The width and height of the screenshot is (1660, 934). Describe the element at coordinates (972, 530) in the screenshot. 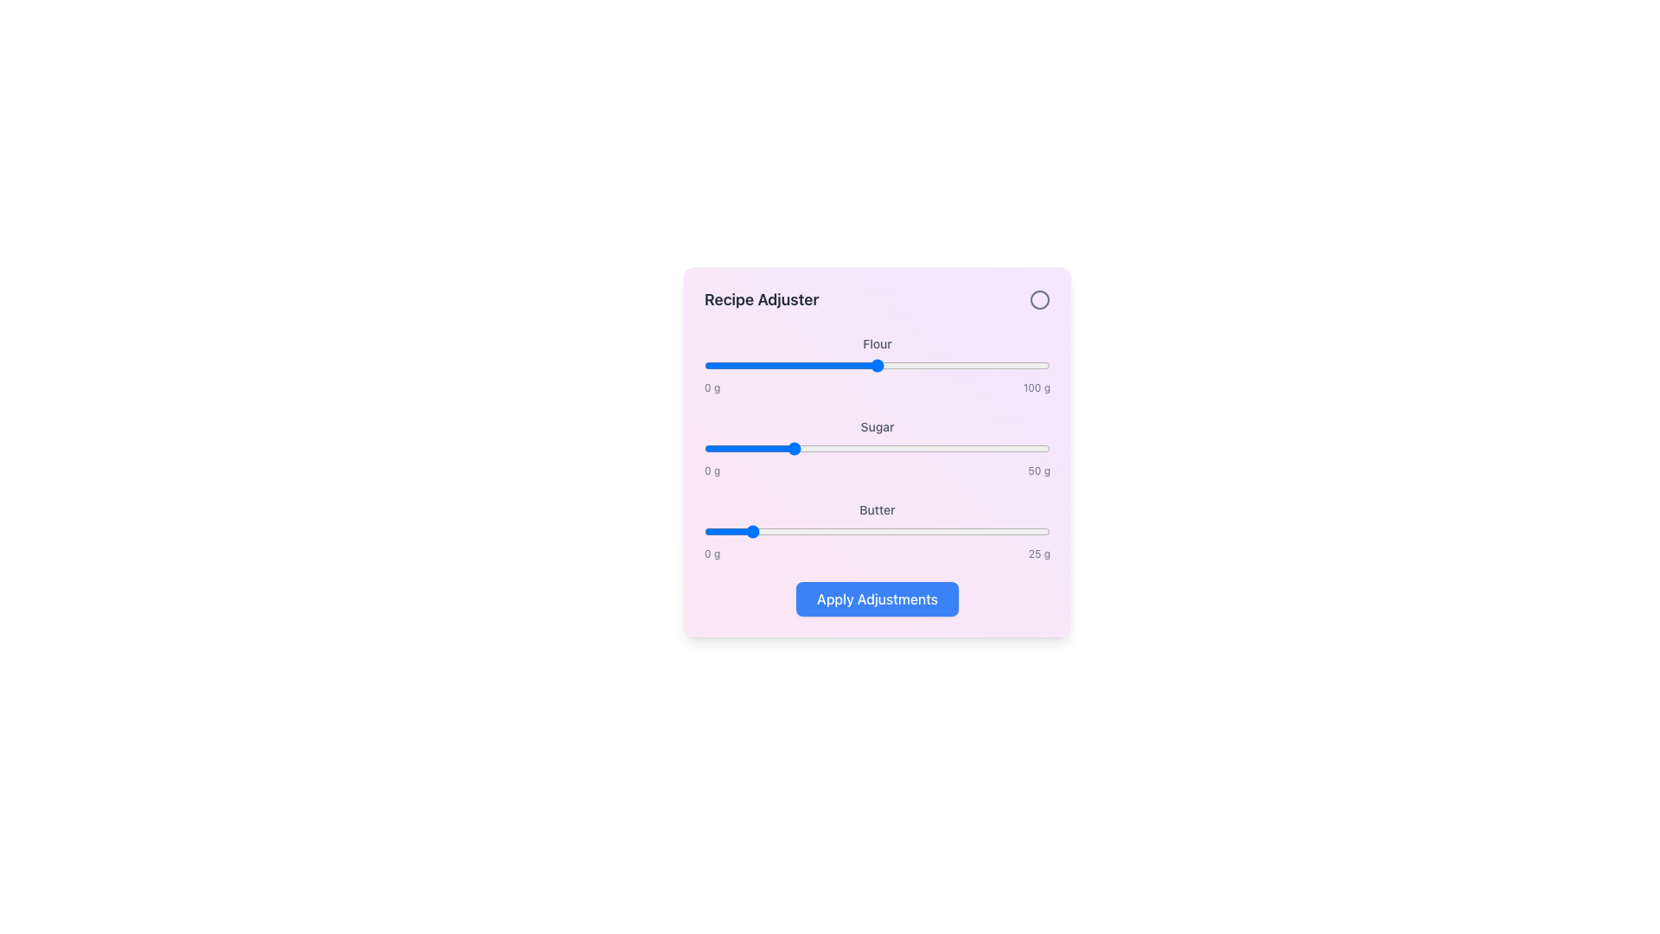

I see `Butter amount` at that location.